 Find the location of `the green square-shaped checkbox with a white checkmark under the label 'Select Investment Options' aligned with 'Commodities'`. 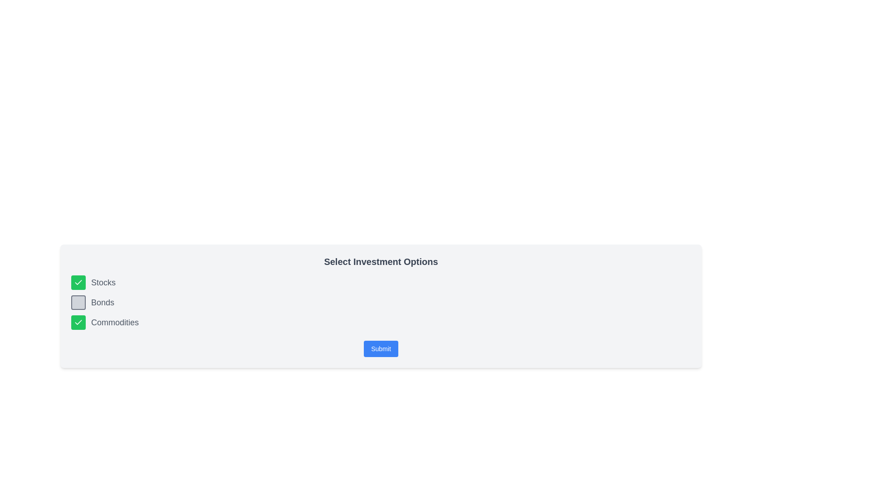

the green square-shaped checkbox with a white checkmark under the label 'Select Investment Options' aligned with 'Commodities' is located at coordinates (78, 322).